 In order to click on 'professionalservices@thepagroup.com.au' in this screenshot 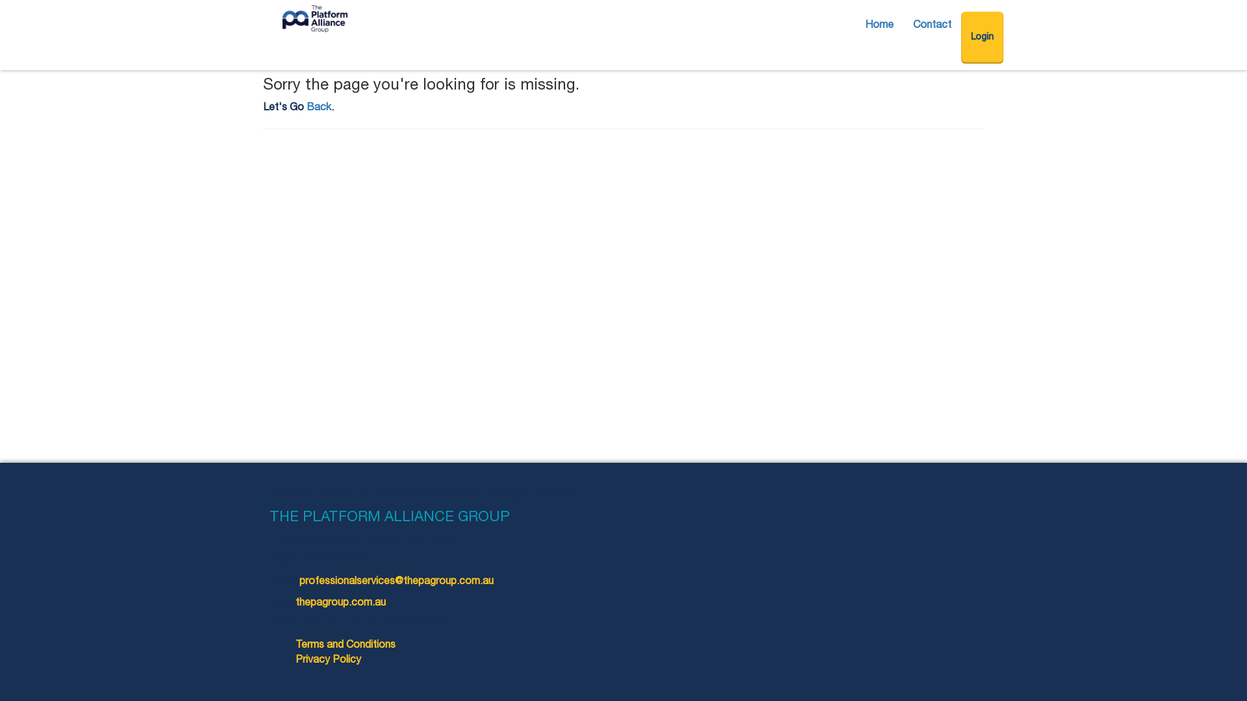, I will do `click(396, 582)`.